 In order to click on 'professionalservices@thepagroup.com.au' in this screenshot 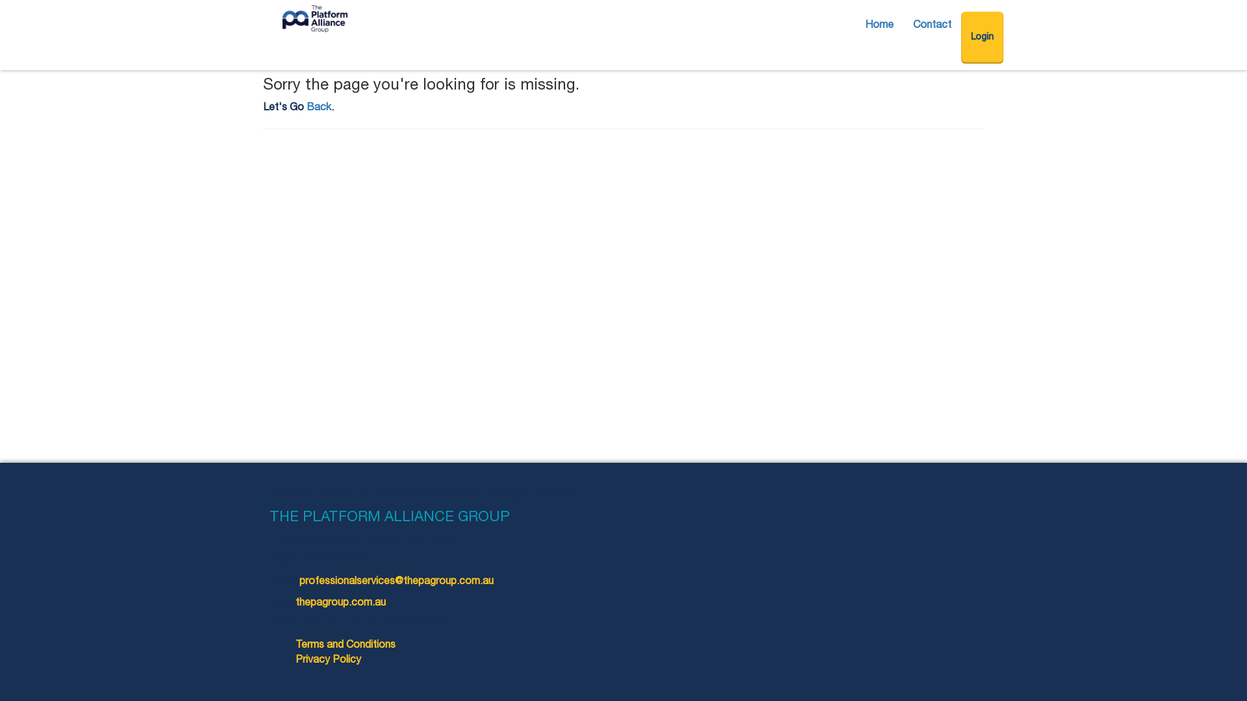, I will do `click(396, 582)`.